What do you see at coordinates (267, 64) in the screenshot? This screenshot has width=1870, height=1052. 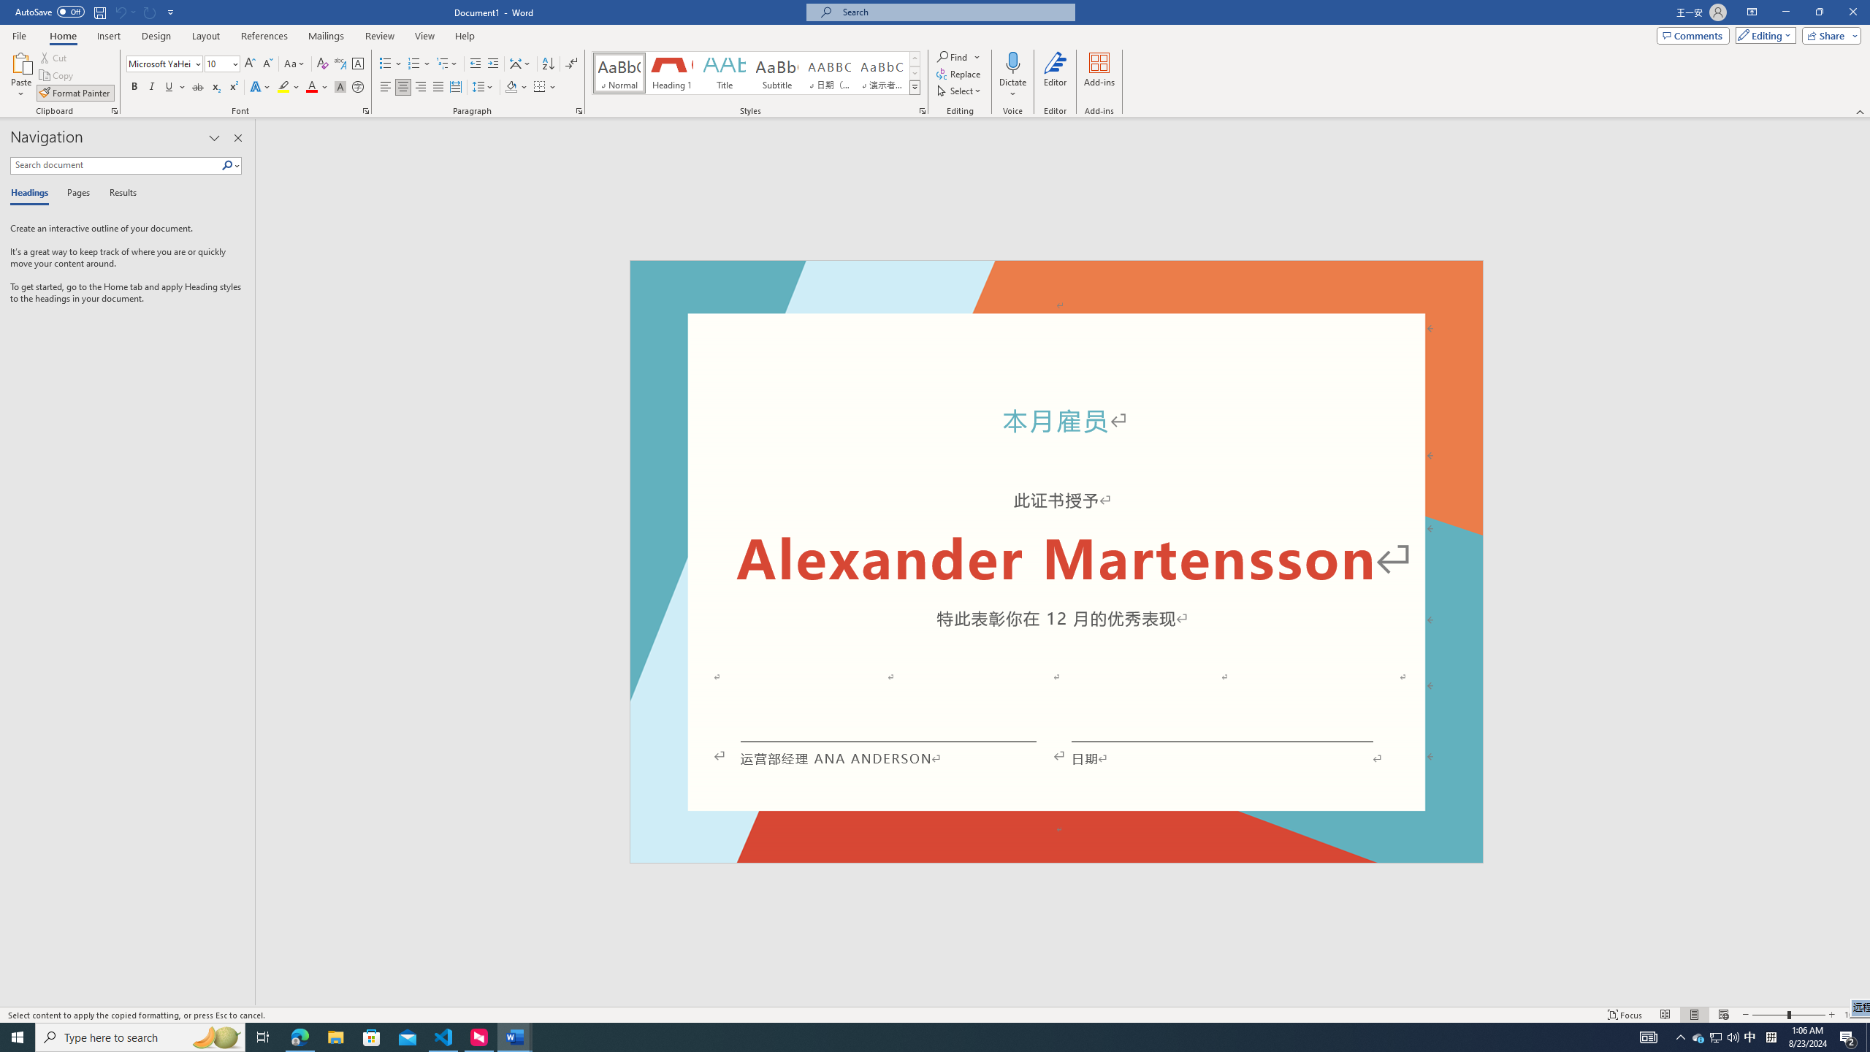 I see `'Shrink Font'` at bounding box center [267, 64].